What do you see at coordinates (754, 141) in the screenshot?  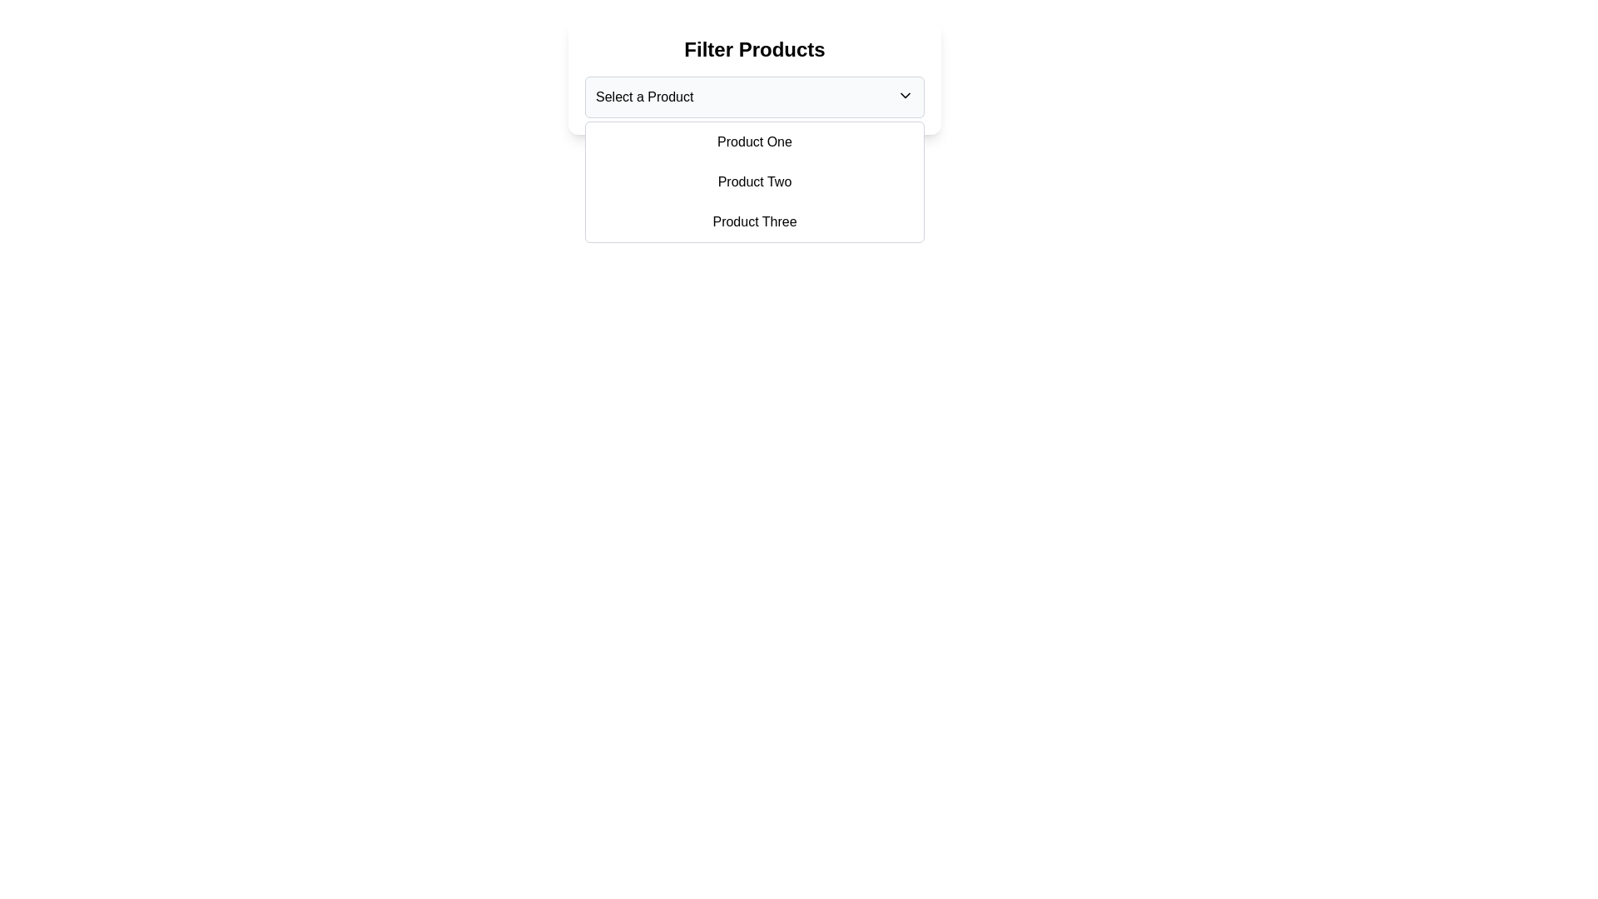 I see `the first selectable option in the dropdown menu labeled 'Select a Product'` at bounding box center [754, 141].